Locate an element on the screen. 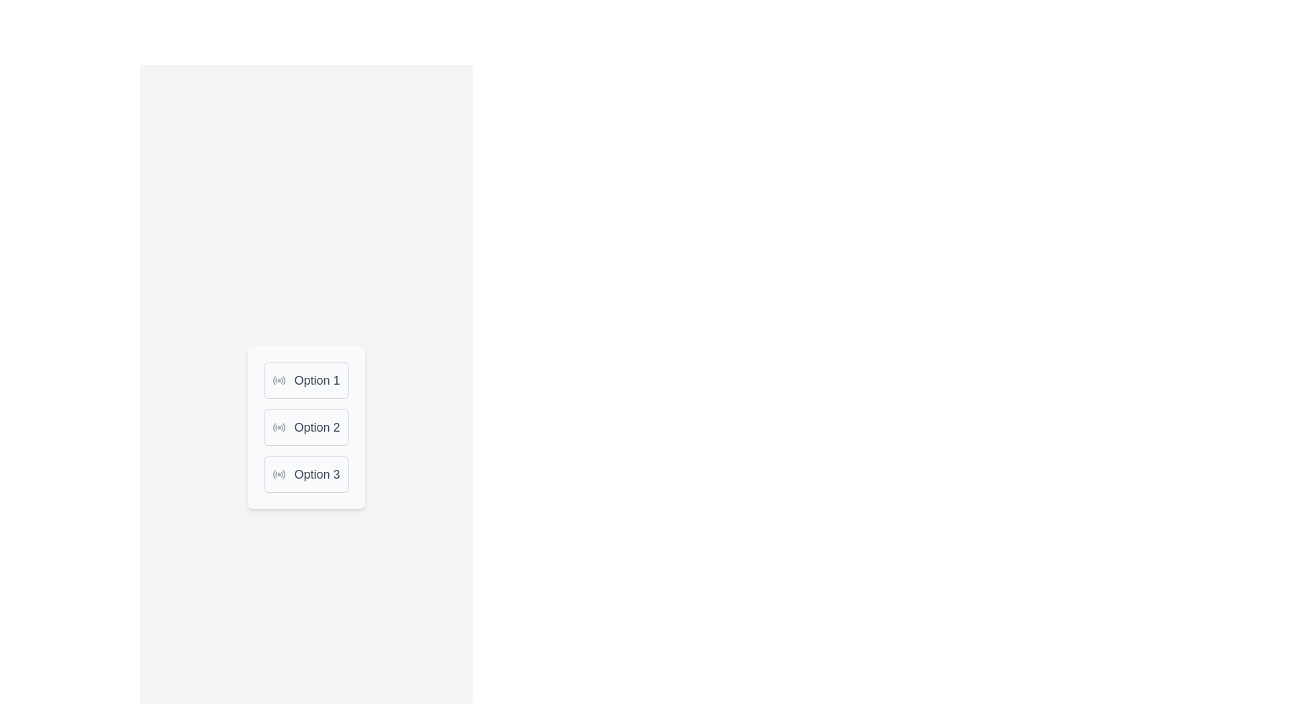 The height and width of the screenshot is (725, 1289). text of the label describing the first selectable option located to the right of the circular radio icon in the first interactive option button is located at coordinates (316, 381).